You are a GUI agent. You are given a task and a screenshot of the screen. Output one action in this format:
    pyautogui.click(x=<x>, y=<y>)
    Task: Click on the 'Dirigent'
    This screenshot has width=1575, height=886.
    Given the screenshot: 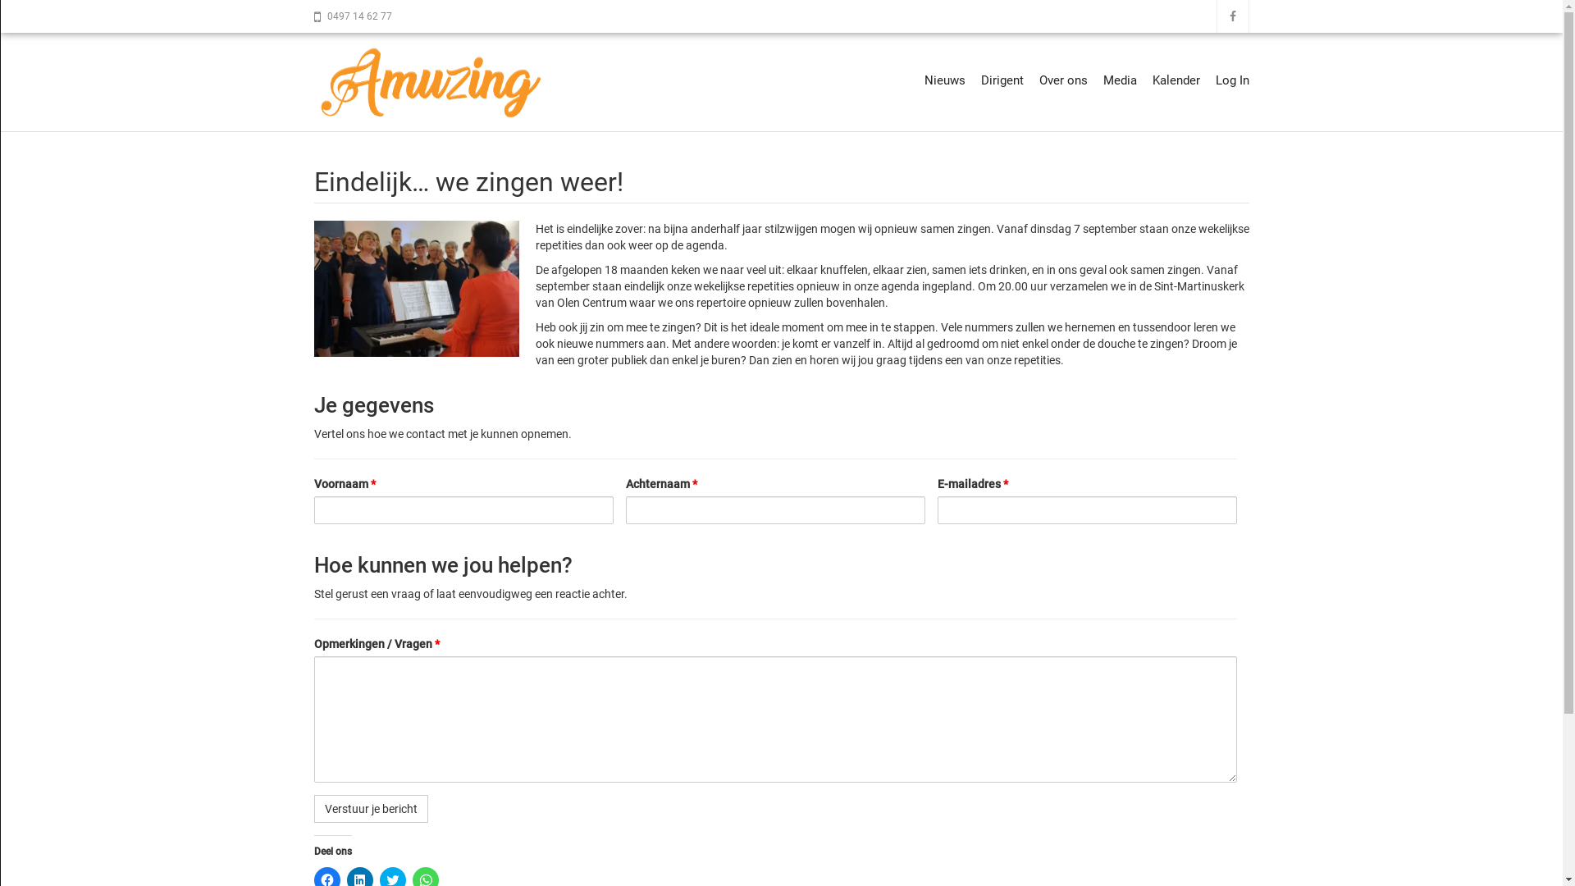 What is the action you would take?
    pyautogui.click(x=1002, y=80)
    